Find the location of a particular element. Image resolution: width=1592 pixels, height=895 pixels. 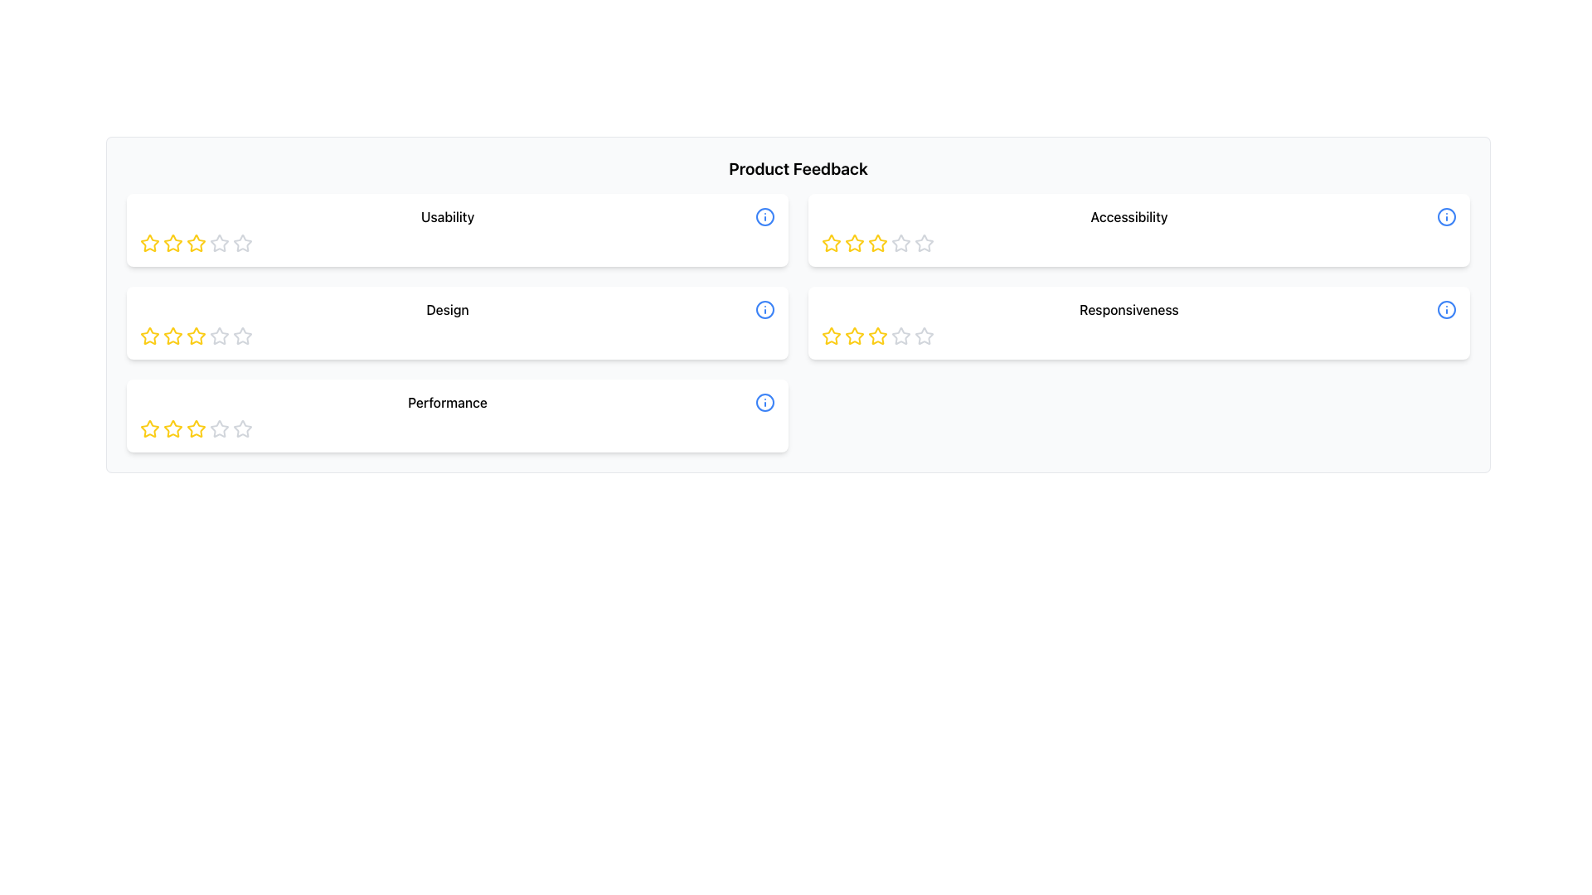

the first star in the five-star rating system for the 'Accessibility' category is located at coordinates (832, 243).